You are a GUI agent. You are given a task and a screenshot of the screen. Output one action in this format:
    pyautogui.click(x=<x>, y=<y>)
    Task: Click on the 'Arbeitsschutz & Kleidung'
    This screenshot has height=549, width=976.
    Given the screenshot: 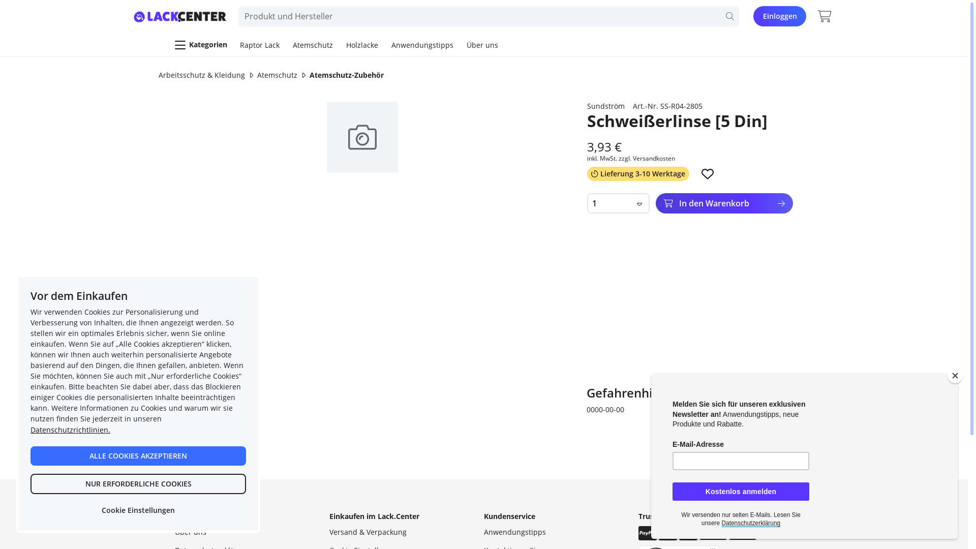 What is the action you would take?
    pyautogui.click(x=158, y=74)
    